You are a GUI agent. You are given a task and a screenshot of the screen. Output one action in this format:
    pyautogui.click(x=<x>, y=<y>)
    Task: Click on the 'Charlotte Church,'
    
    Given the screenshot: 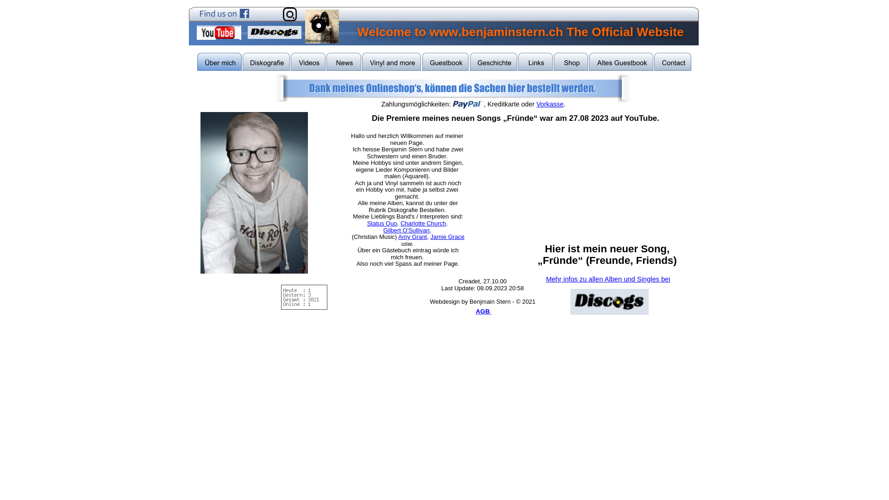 What is the action you would take?
    pyautogui.click(x=424, y=223)
    